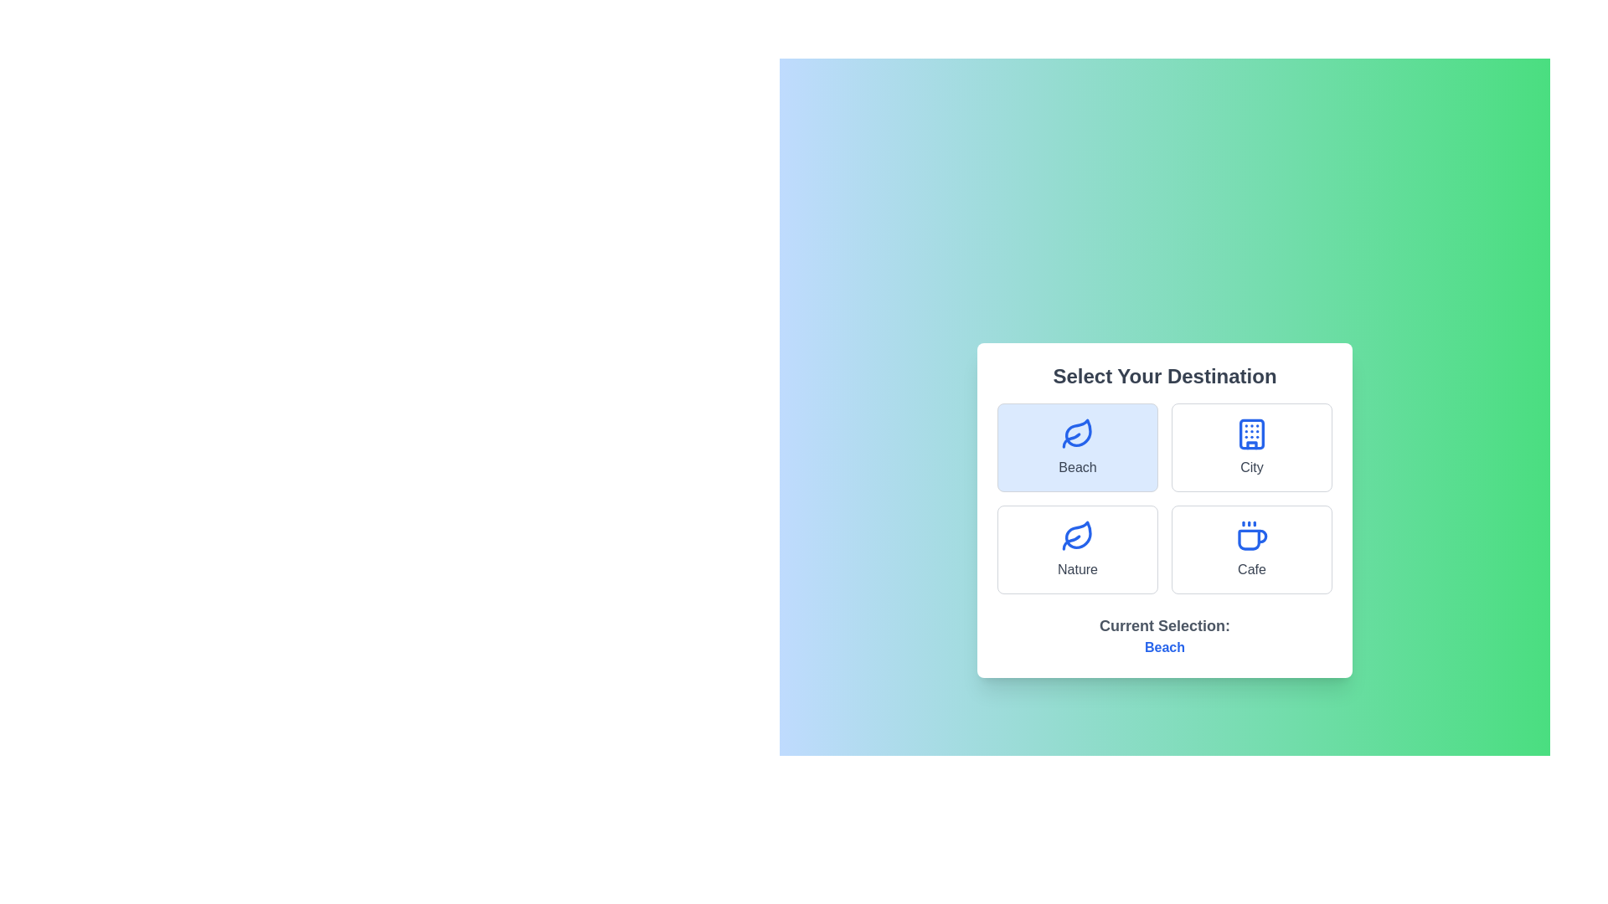 This screenshot has width=1608, height=904. What do you see at coordinates (1251, 447) in the screenshot?
I see `the City option to select it` at bounding box center [1251, 447].